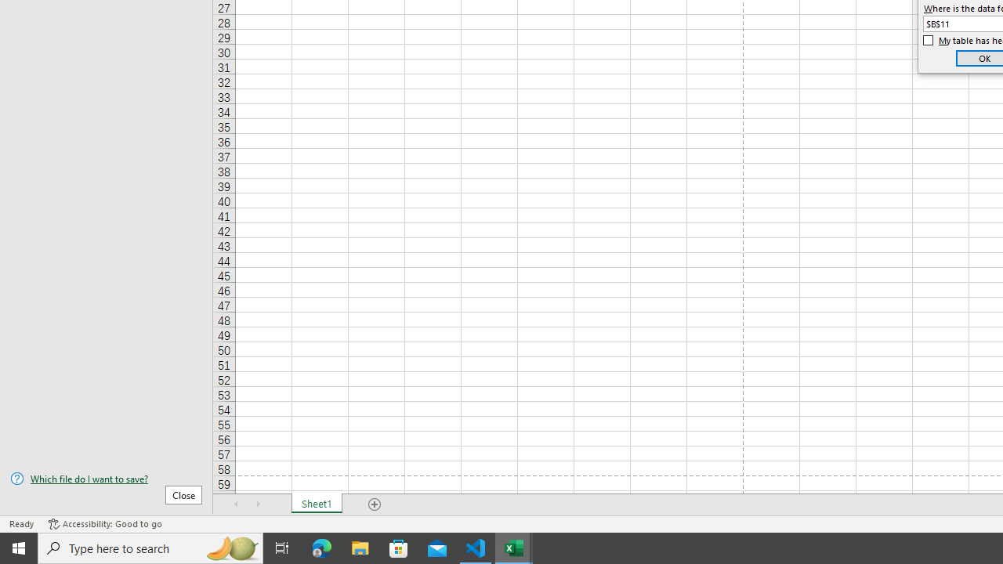 This screenshot has width=1003, height=564. I want to click on 'Close', so click(183, 494).